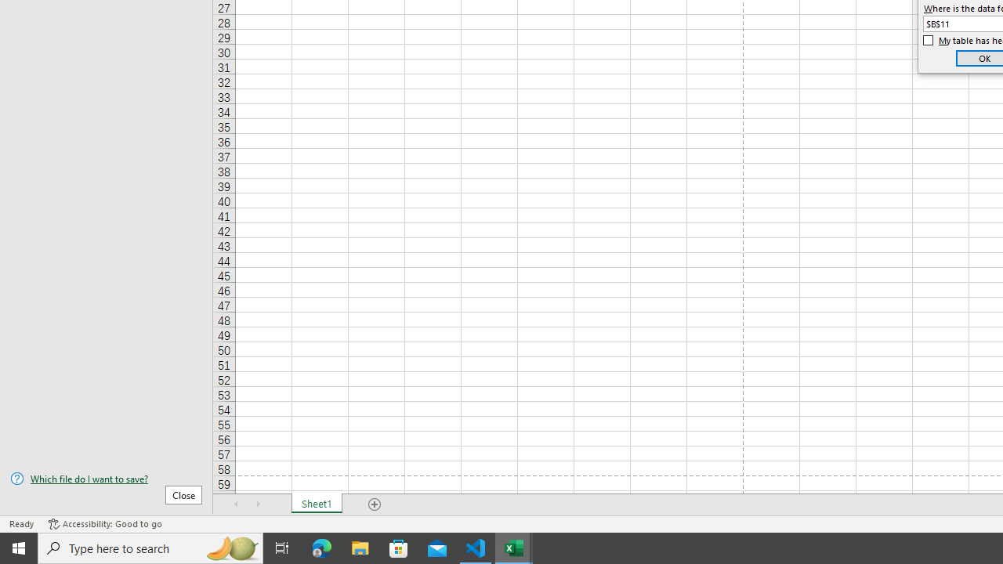 This screenshot has width=1003, height=564. I want to click on 'Close', so click(183, 494).